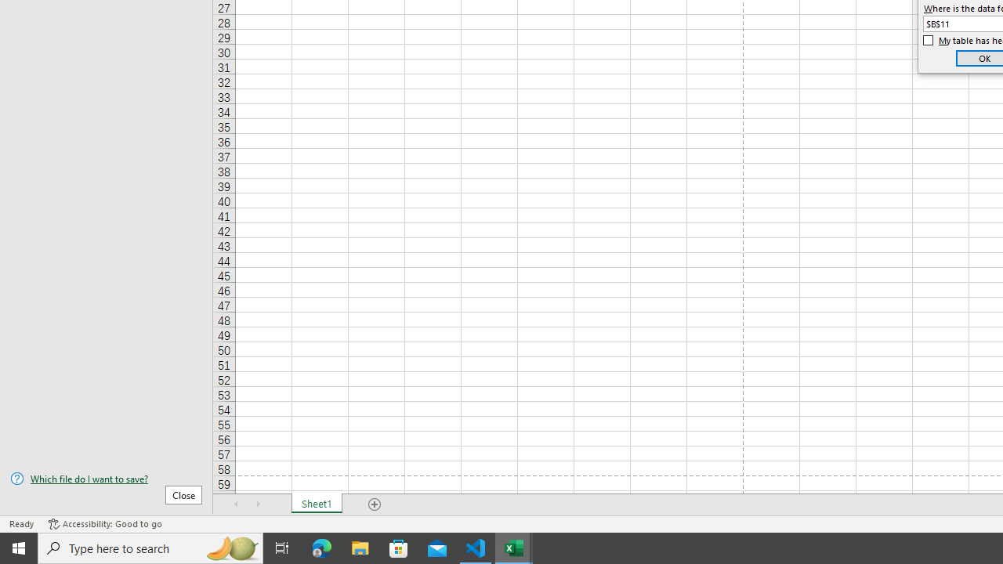 This screenshot has width=1003, height=564. I want to click on 'Close', so click(183, 494).